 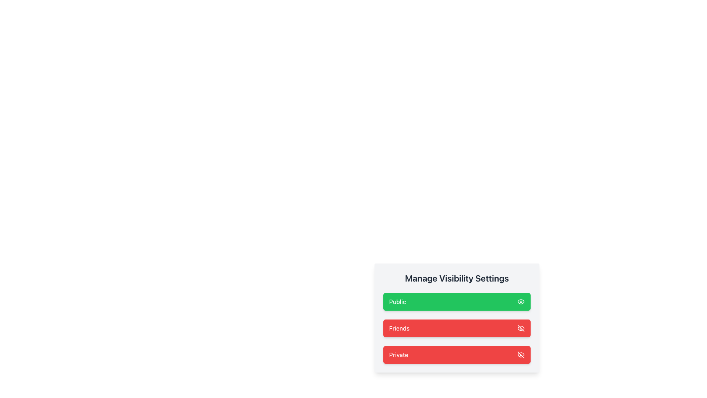 What do you see at coordinates (457, 301) in the screenshot?
I see `the green 'Public' button with rounded corners that indicates visibility settings` at bounding box center [457, 301].